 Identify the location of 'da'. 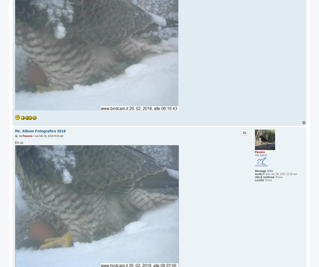
(20, 136).